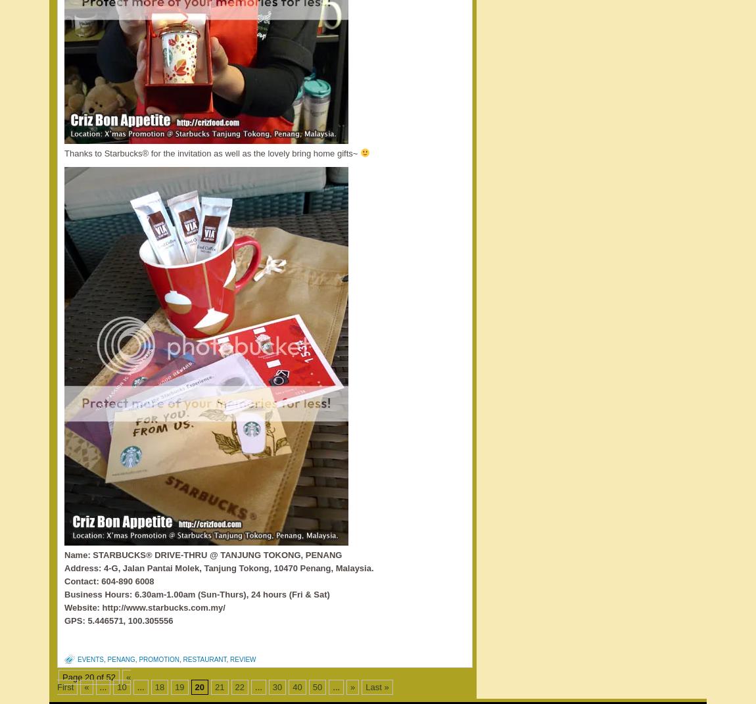 The width and height of the screenshot is (756, 704). What do you see at coordinates (203, 555) in the screenshot?
I see `'Name: STARBUCKS® DRIVE-THRU @ TANJUNG TOKONG, PENANG'` at bounding box center [203, 555].